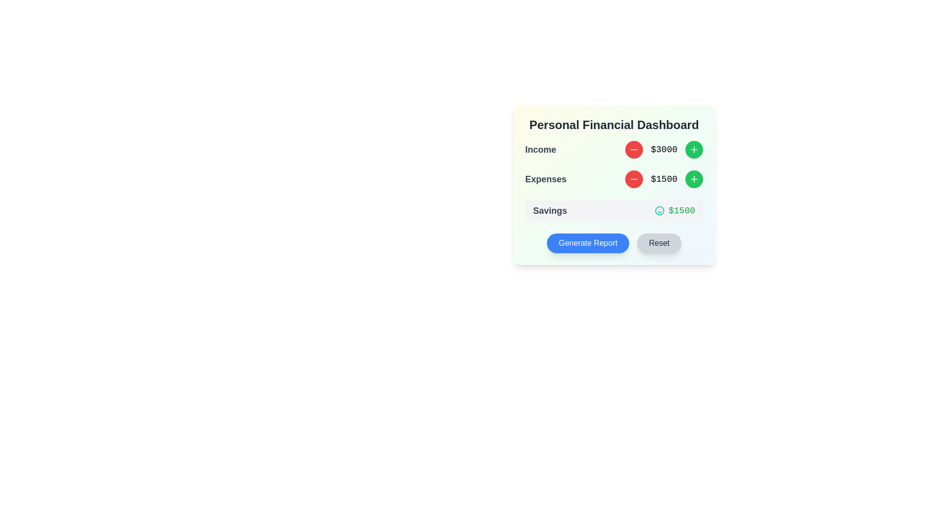 This screenshot has width=946, height=532. What do you see at coordinates (664, 150) in the screenshot?
I see `the text component displaying the value '$3000', which is flanked by a red circular button on the left and a green circular button on the right` at bounding box center [664, 150].